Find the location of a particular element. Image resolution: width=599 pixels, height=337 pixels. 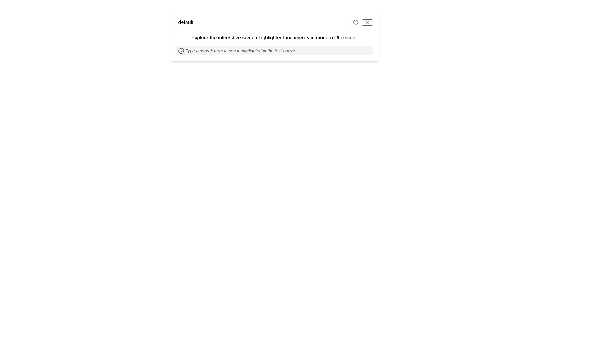

the 'X' icon button located at the top-right corner of the dialog is located at coordinates (367, 22).